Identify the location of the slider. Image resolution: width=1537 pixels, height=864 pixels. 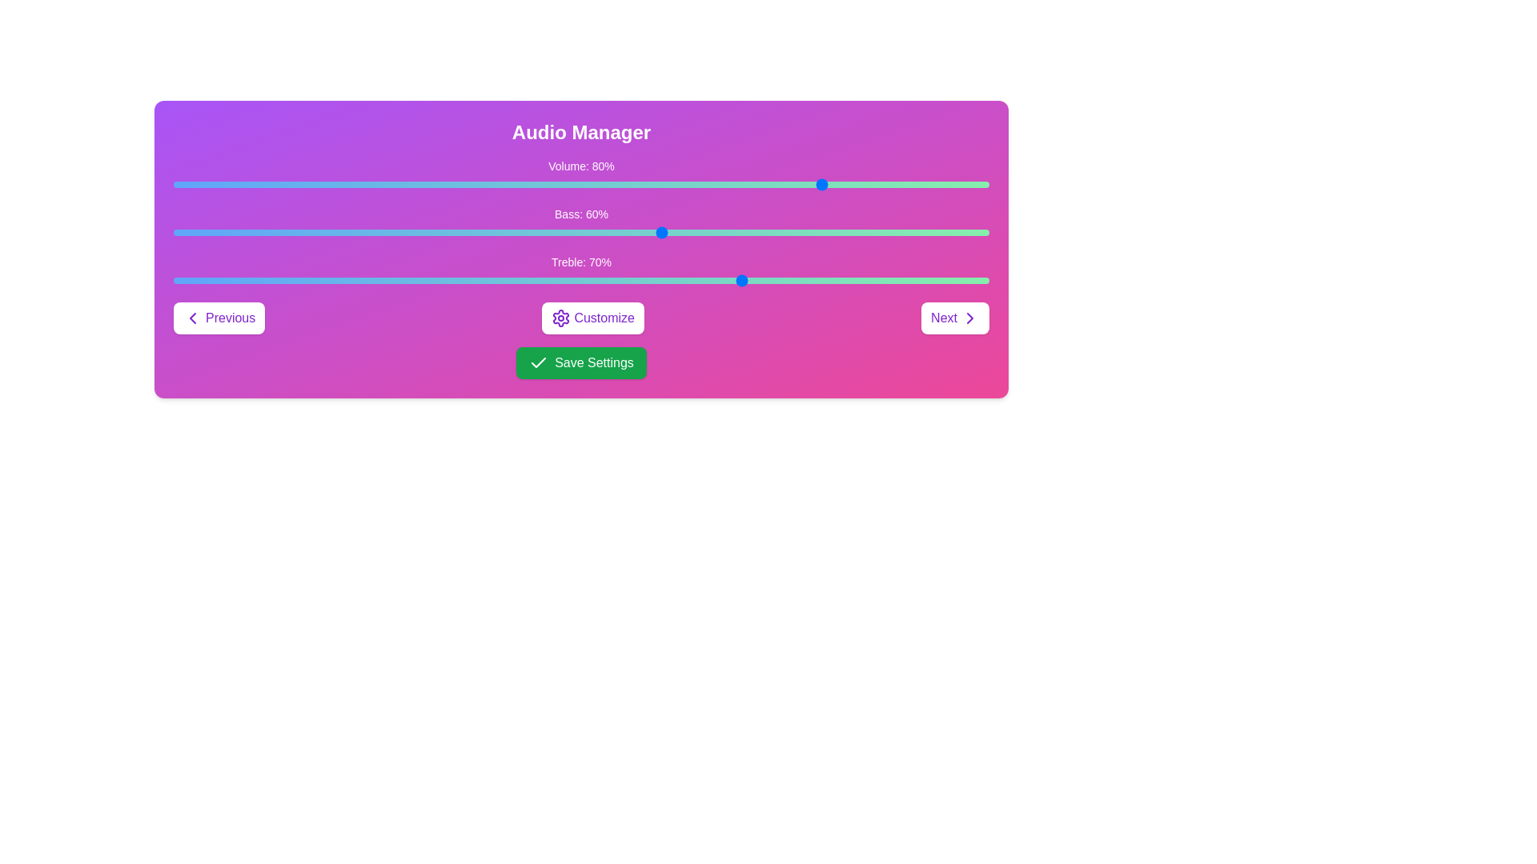
(368, 280).